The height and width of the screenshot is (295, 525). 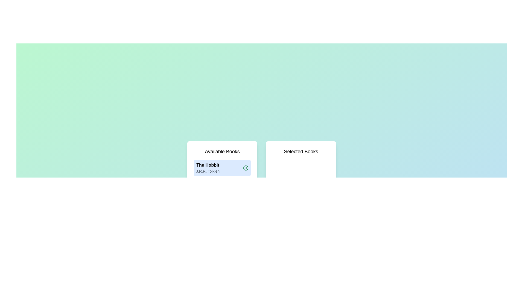 I want to click on the arrow button next to 'The Hobbit' to move it to the 'Selected Books' list, so click(x=245, y=167).